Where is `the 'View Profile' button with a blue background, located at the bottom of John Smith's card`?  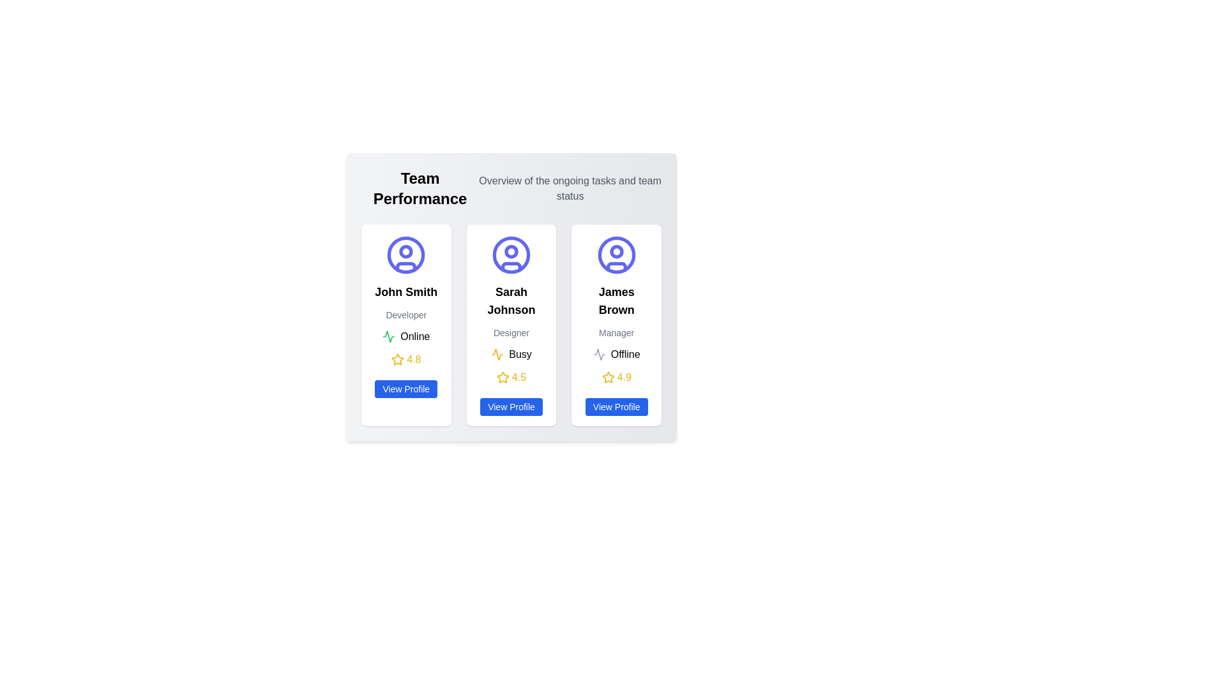
the 'View Profile' button with a blue background, located at the bottom of John Smith's card is located at coordinates (405, 388).